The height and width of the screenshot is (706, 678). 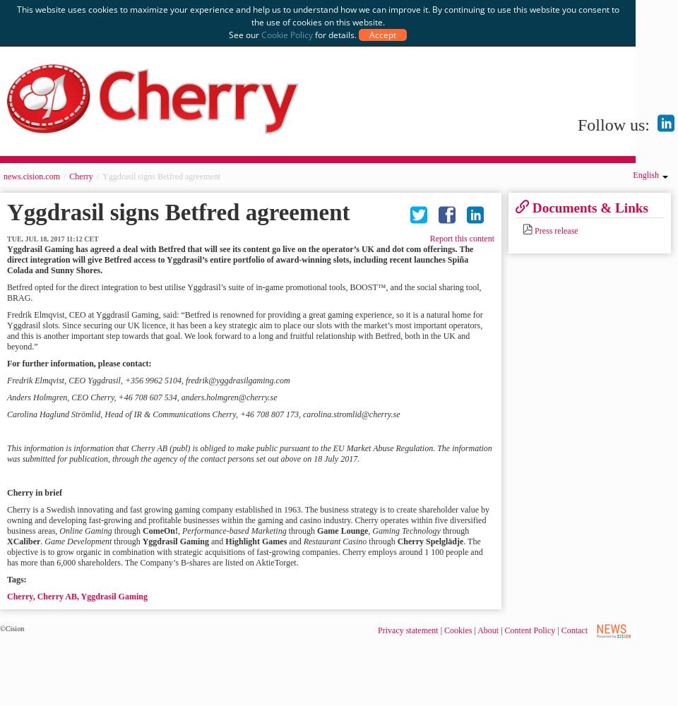 What do you see at coordinates (249, 453) in the screenshot?
I see `'This information is information that Cherry AB (publ) is obliged to make public pursuant to the EU Market Abuse Regulation. The information was submitted for publication, through the agency of the contact persons set out above on 18 July 2017.'` at bounding box center [249, 453].